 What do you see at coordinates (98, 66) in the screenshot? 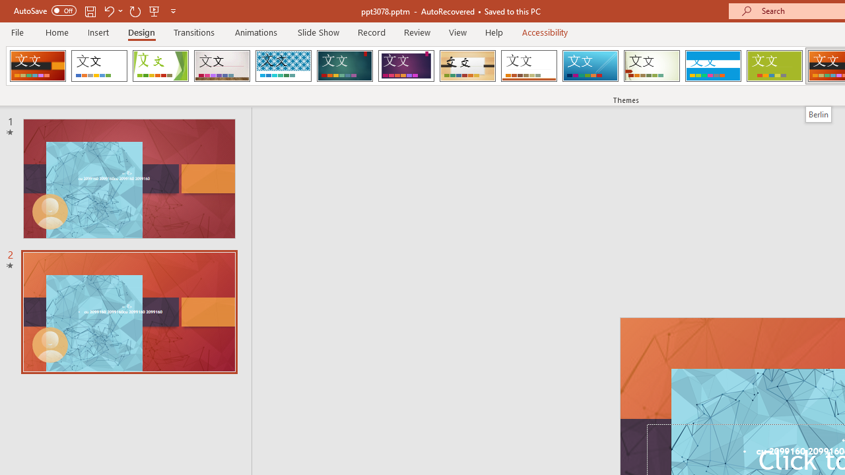
I see `'Office Theme'` at bounding box center [98, 66].